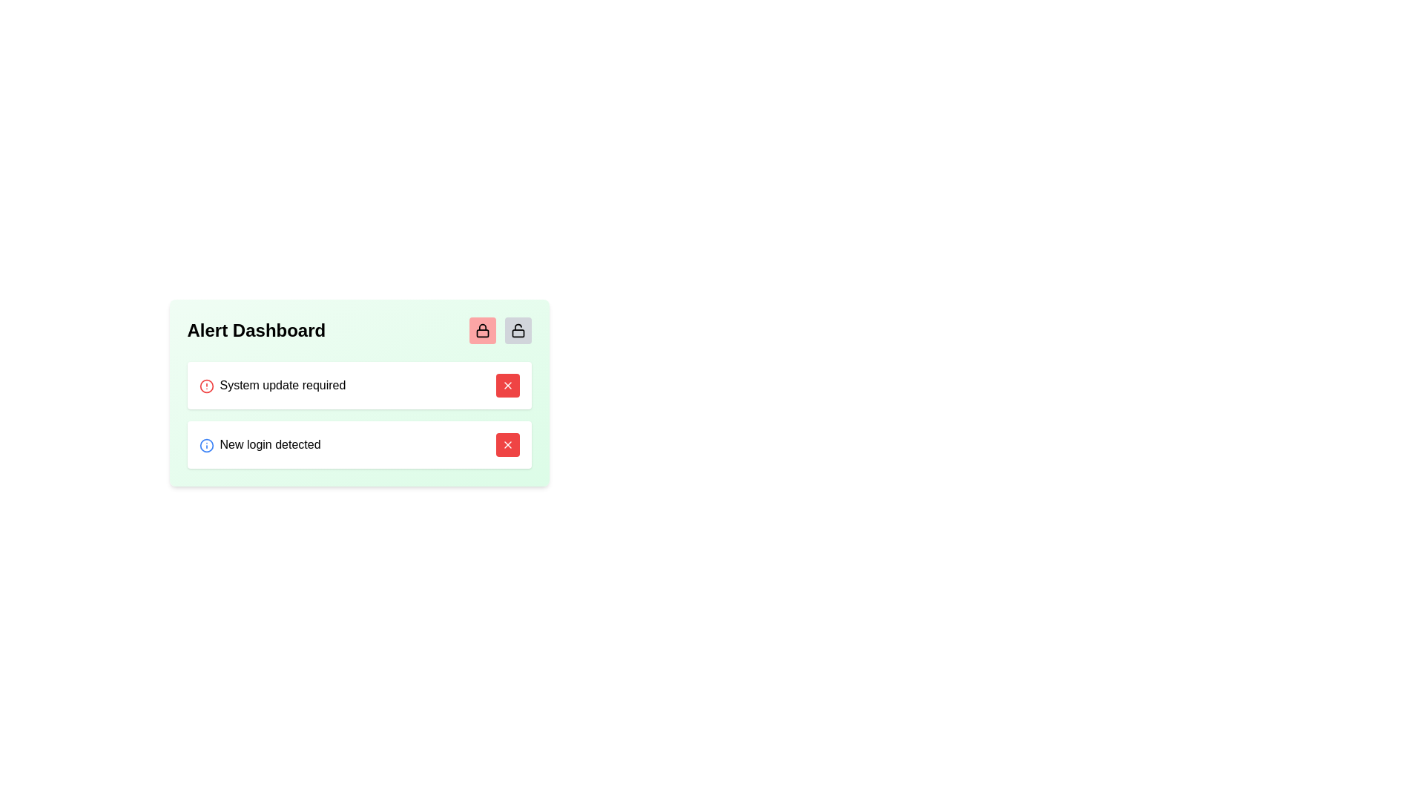  I want to click on the small red button with a centered 'X' icon, so click(507, 385).